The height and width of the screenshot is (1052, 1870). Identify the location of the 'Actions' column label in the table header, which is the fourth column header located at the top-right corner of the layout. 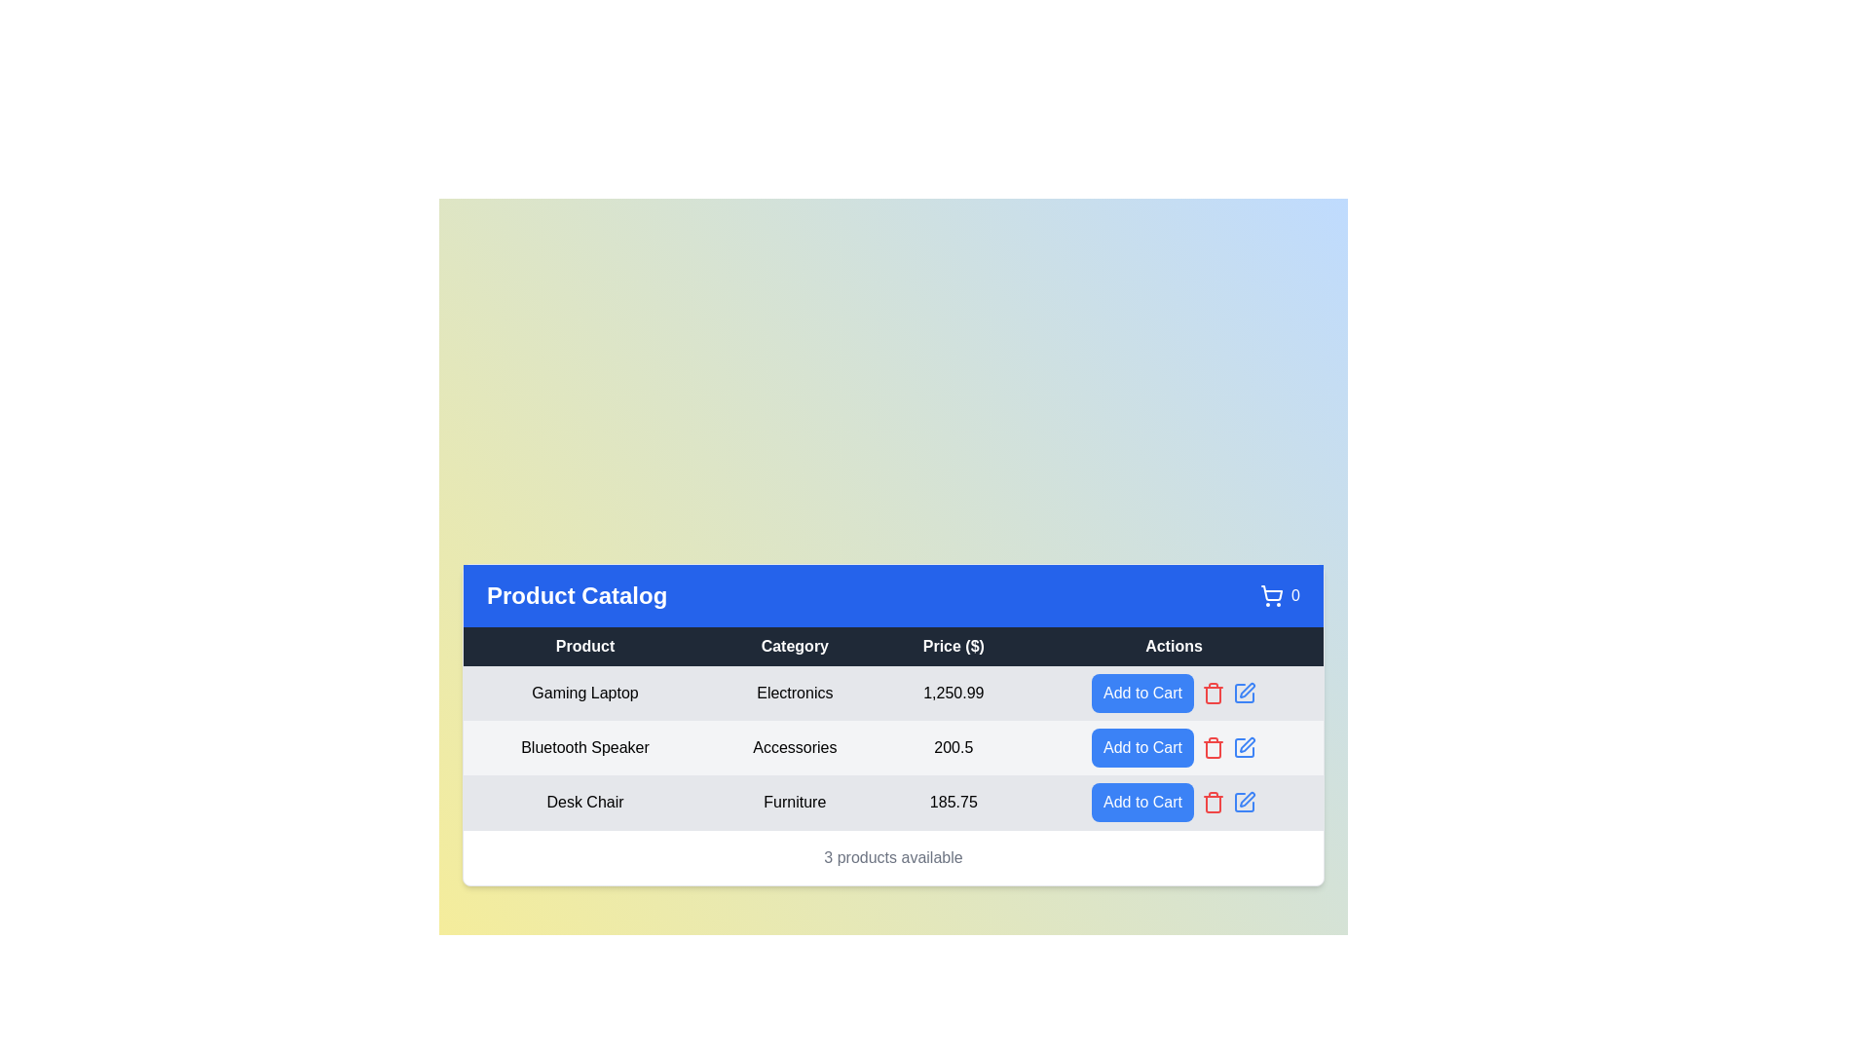
(1173, 646).